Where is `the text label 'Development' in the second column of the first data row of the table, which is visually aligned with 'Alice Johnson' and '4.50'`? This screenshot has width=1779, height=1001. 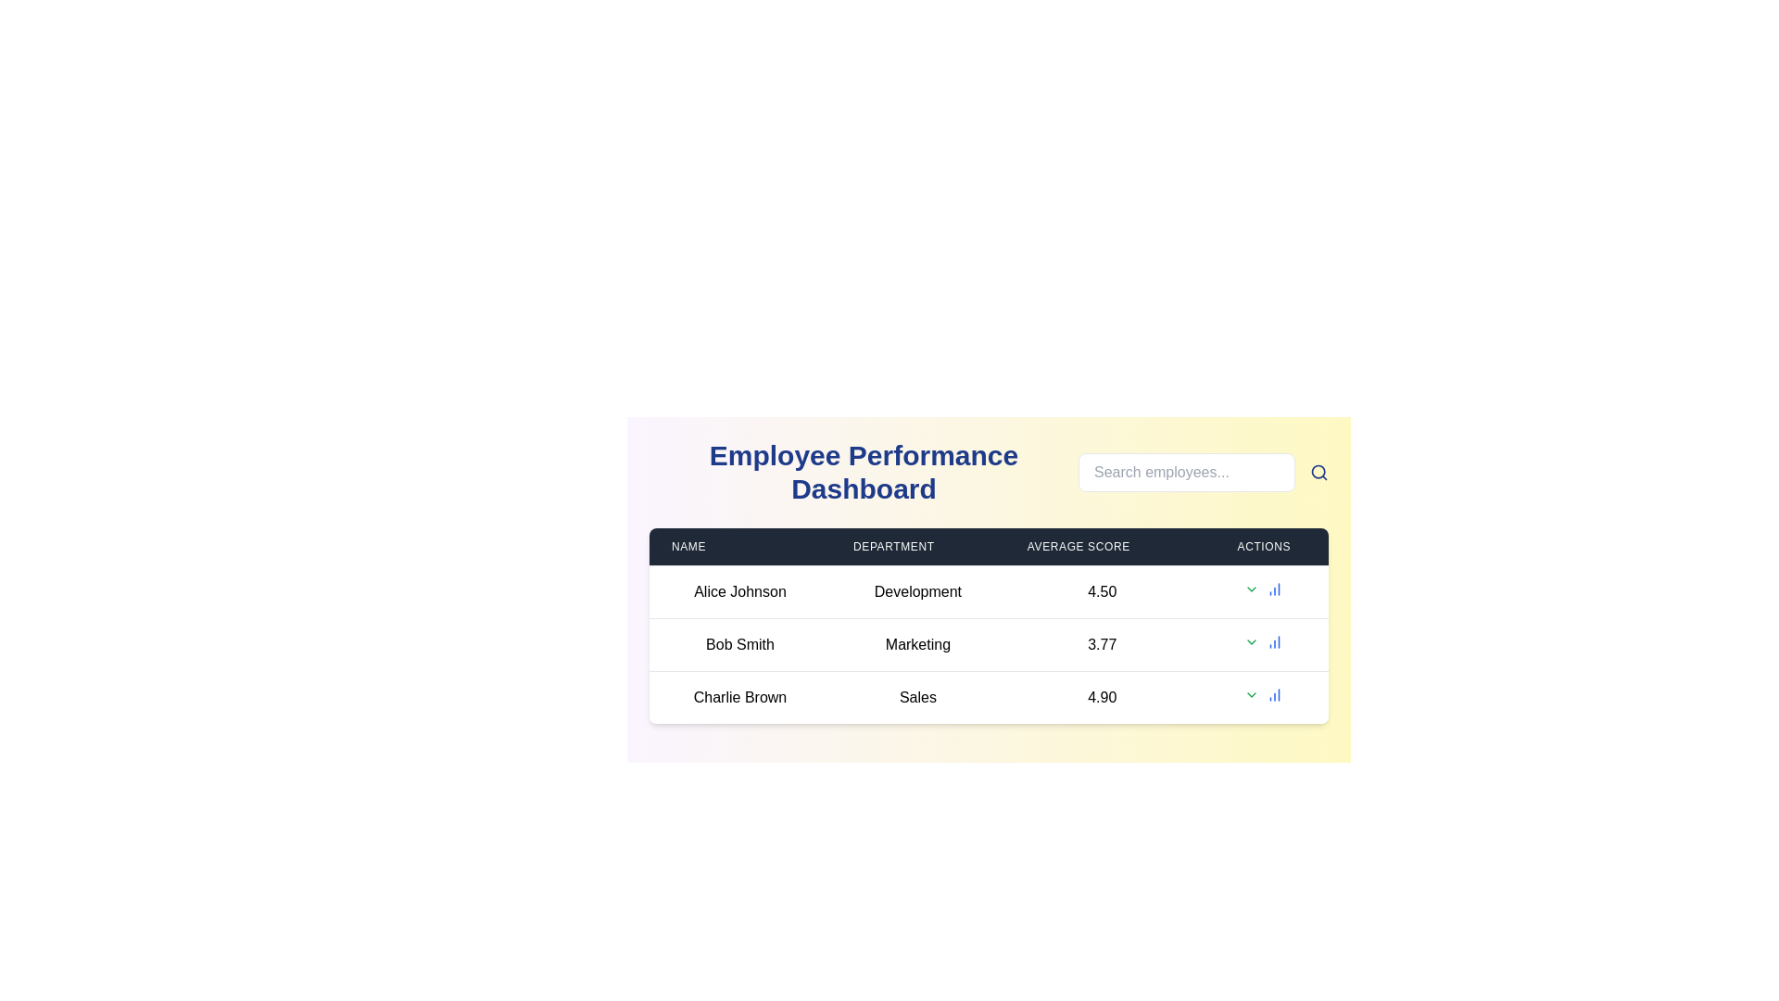 the text label 'Development' in the second column of the first data row of the table, which is visually aligned with 'Alice Johnson' and '4.50' is located at coordinates (917, 592).